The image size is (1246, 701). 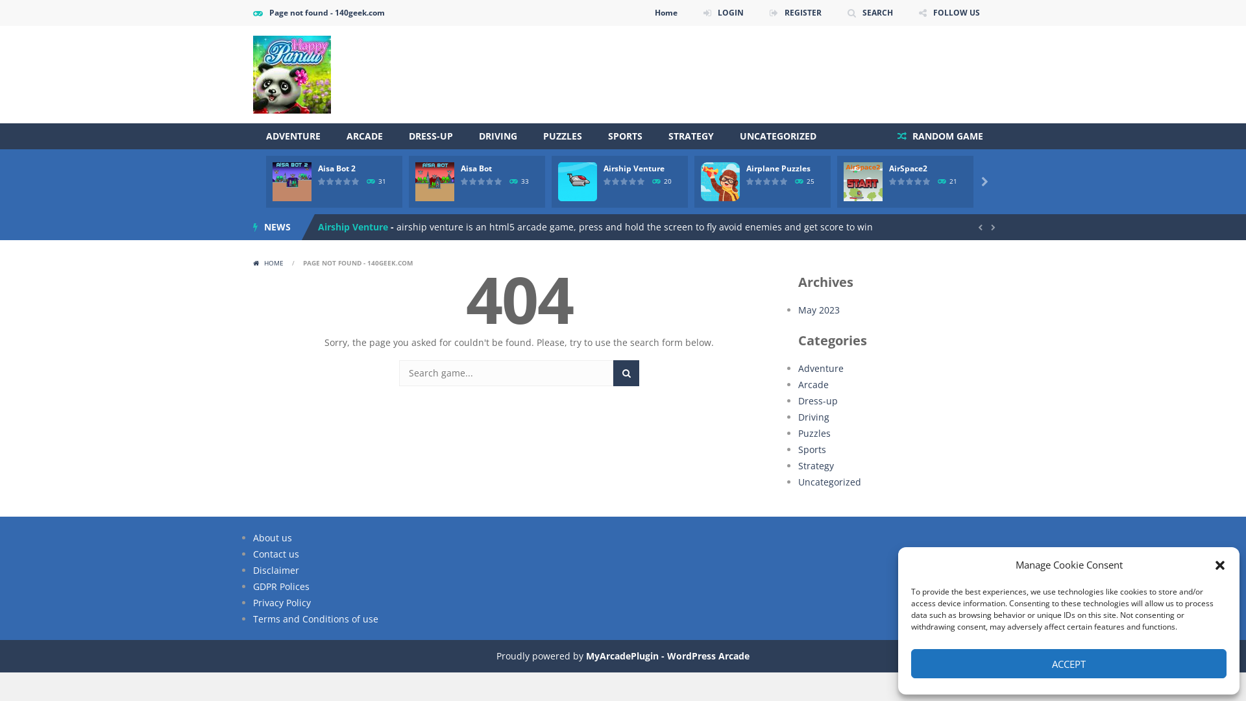 I want to click on 'Strategy', so click(x=815, y=465).